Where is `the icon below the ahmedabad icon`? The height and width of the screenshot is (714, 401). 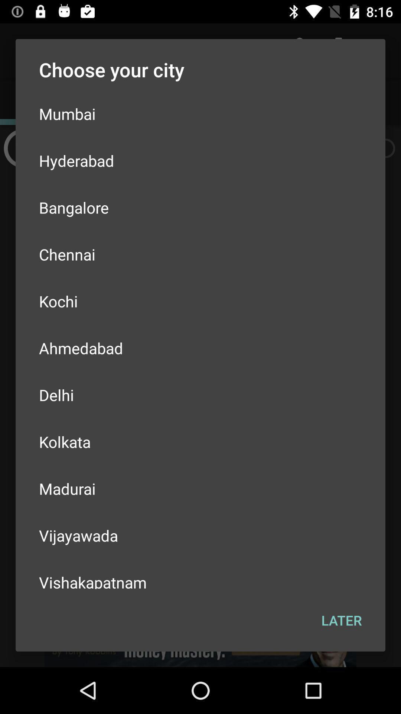 the icon below the ahmedabad icon is located at coordinates (200, 394).